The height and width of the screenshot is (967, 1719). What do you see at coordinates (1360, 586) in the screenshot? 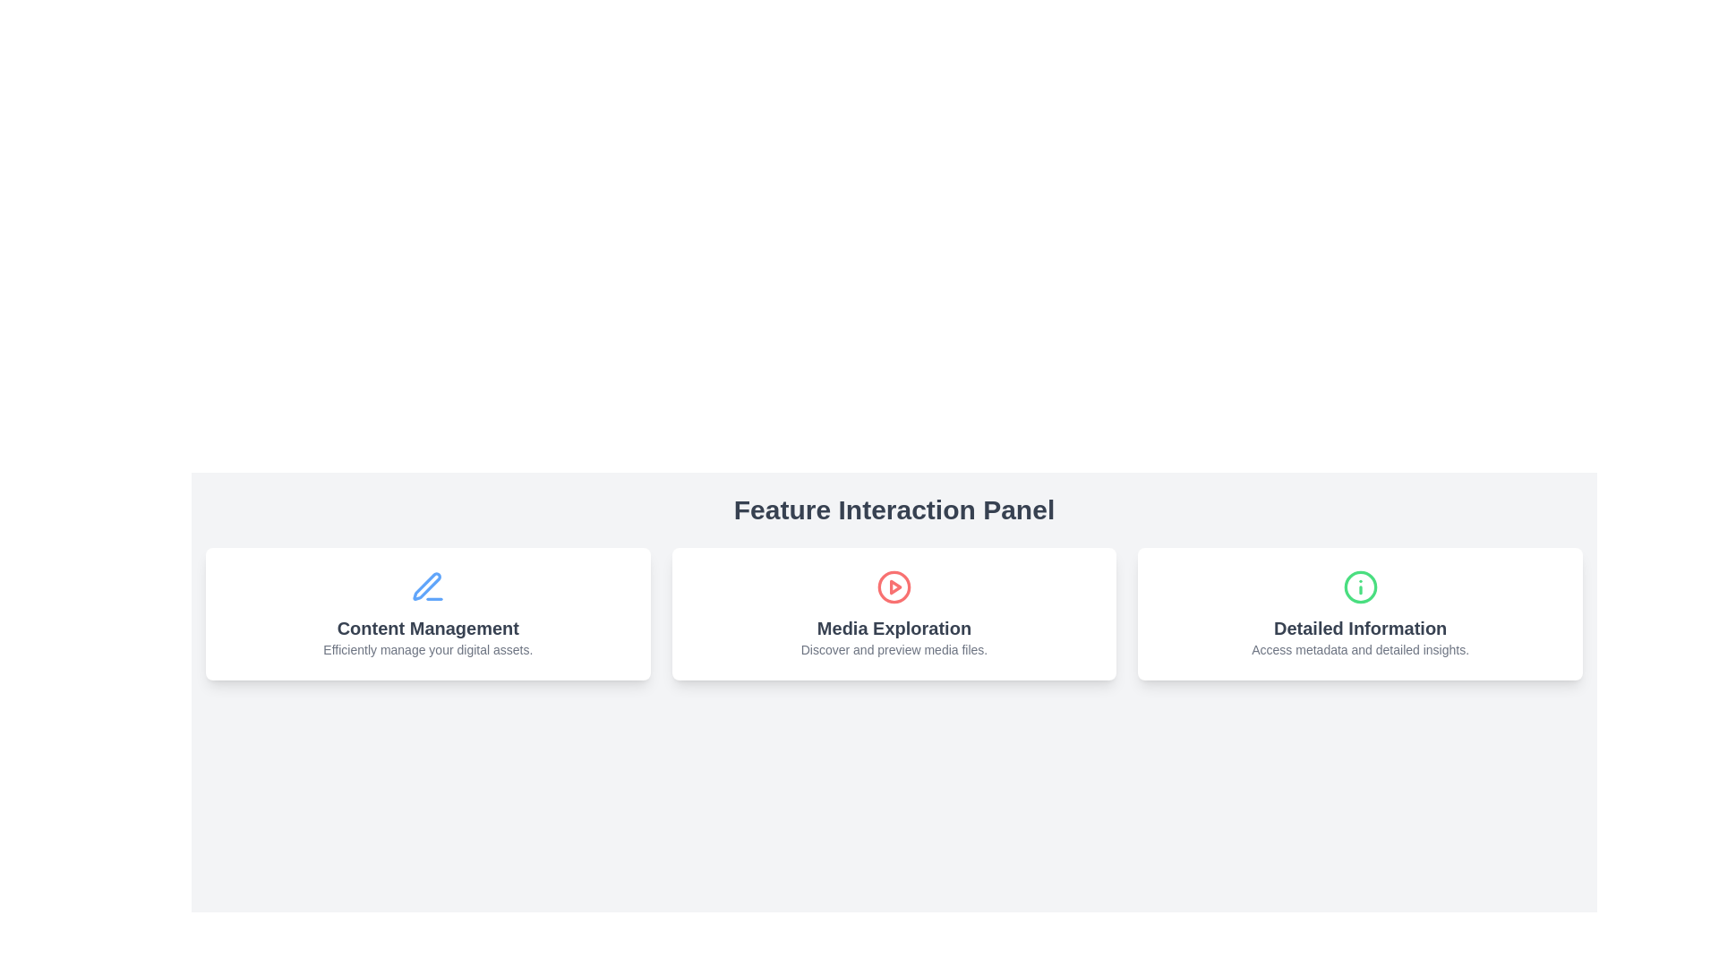
I see `the informational icon located at the top center of the 'Detailed Information' card` at bounding box center [1360, 586].